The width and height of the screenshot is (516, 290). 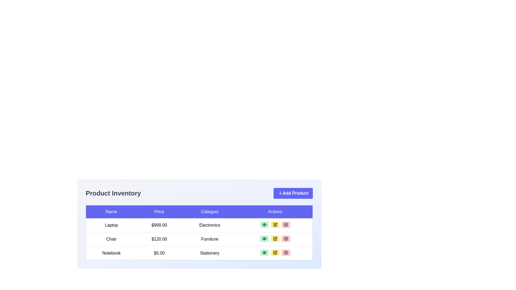 What do you see at coordinates (264, 253) in the screenshot?
I see `the eye icon in the 'Actions' column of the 'Product Inventory' table, specifically in the third row` at bounding box center [264, 253].